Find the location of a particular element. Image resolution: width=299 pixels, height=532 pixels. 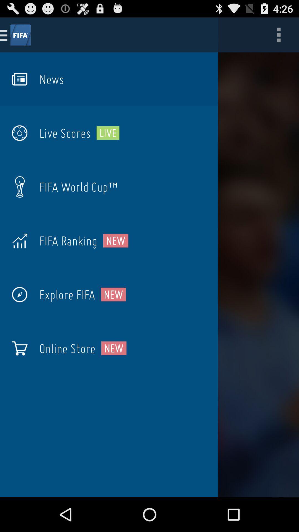

the icon next to new icon is located at coordinates (68, 241).